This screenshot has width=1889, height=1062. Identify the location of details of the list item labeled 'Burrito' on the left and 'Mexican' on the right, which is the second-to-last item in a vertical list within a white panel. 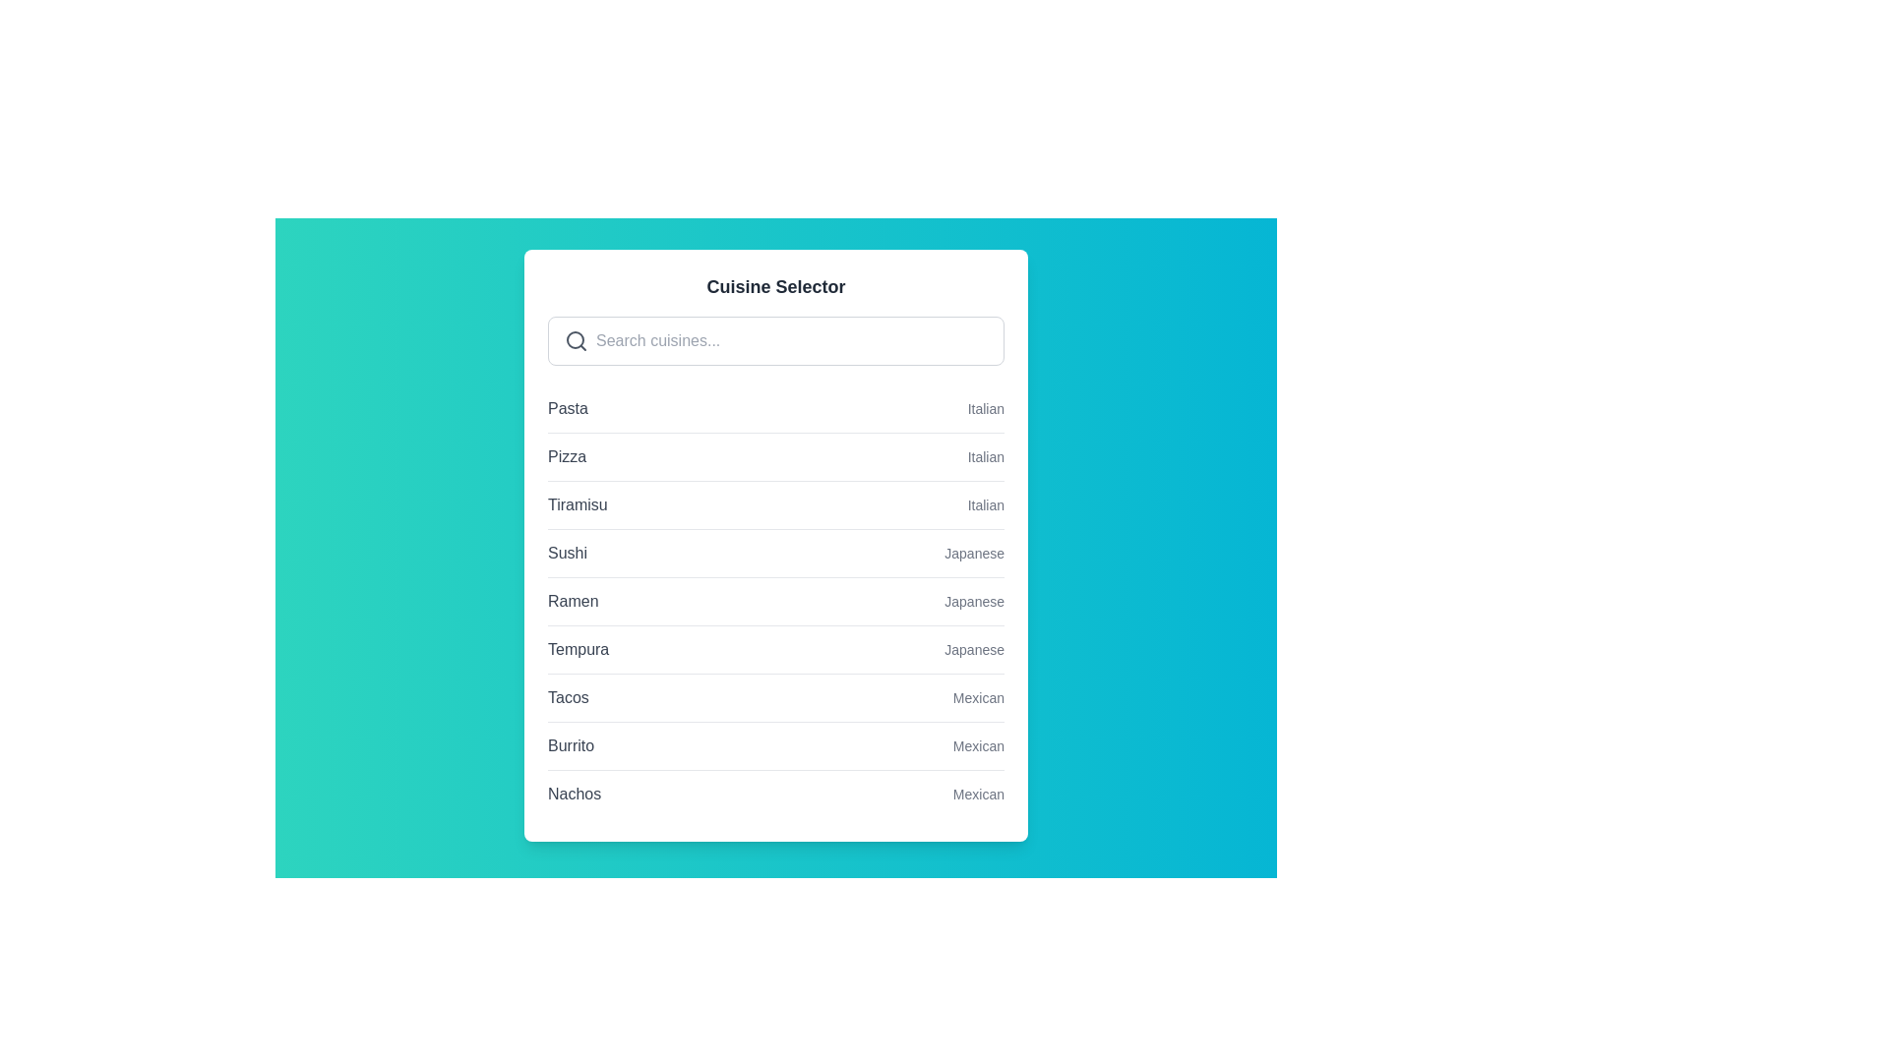
(774, 745).